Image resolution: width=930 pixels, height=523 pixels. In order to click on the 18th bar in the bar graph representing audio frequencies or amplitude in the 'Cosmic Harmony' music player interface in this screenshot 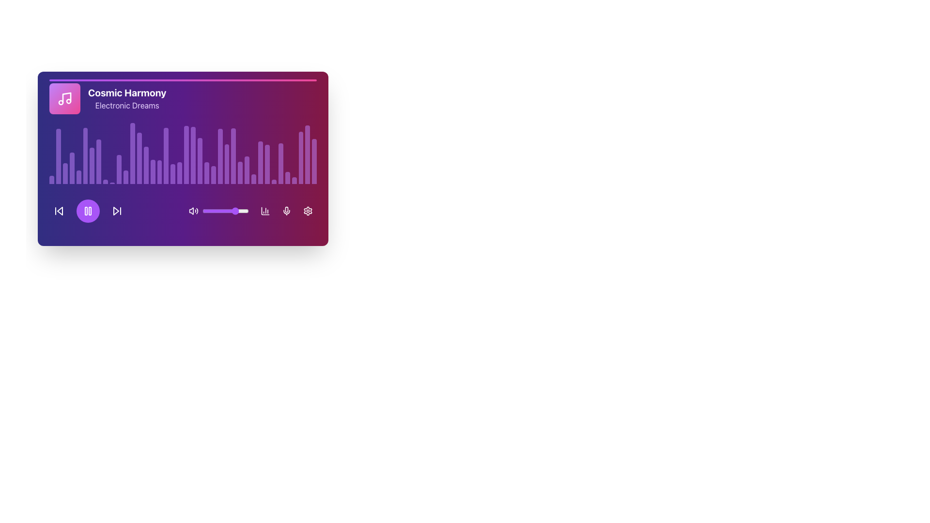, I will do `click(166, 155)`.